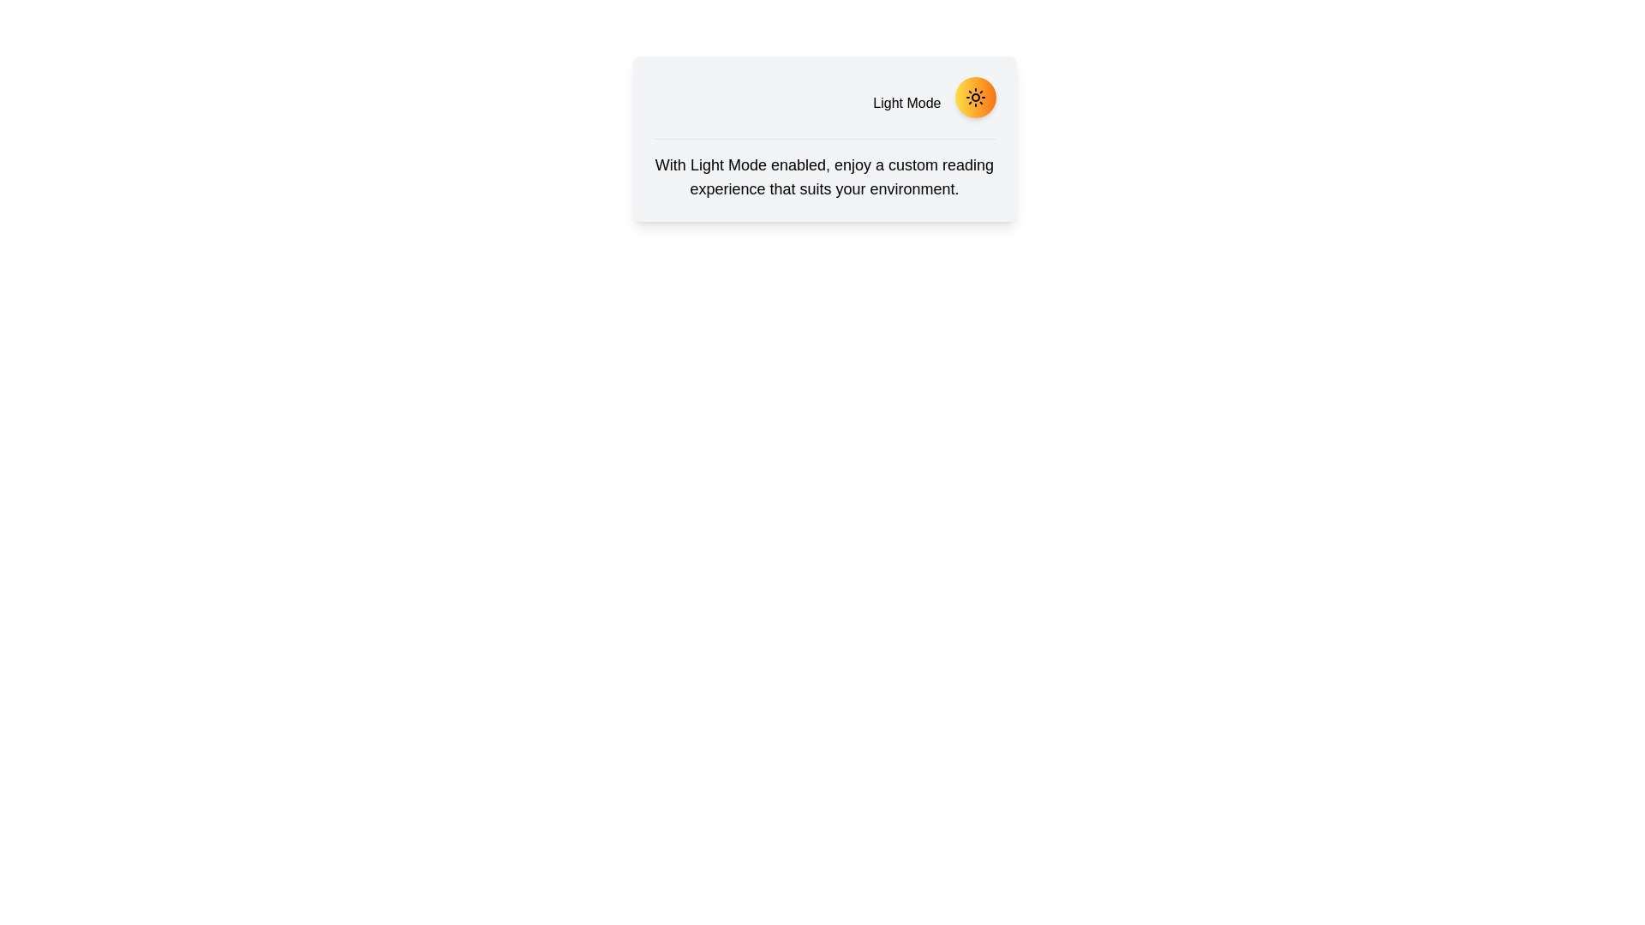  Describe the element at coordinates (975, 98) in the screenshot. I see `the icon representing the current mode to examine its state` at that location.